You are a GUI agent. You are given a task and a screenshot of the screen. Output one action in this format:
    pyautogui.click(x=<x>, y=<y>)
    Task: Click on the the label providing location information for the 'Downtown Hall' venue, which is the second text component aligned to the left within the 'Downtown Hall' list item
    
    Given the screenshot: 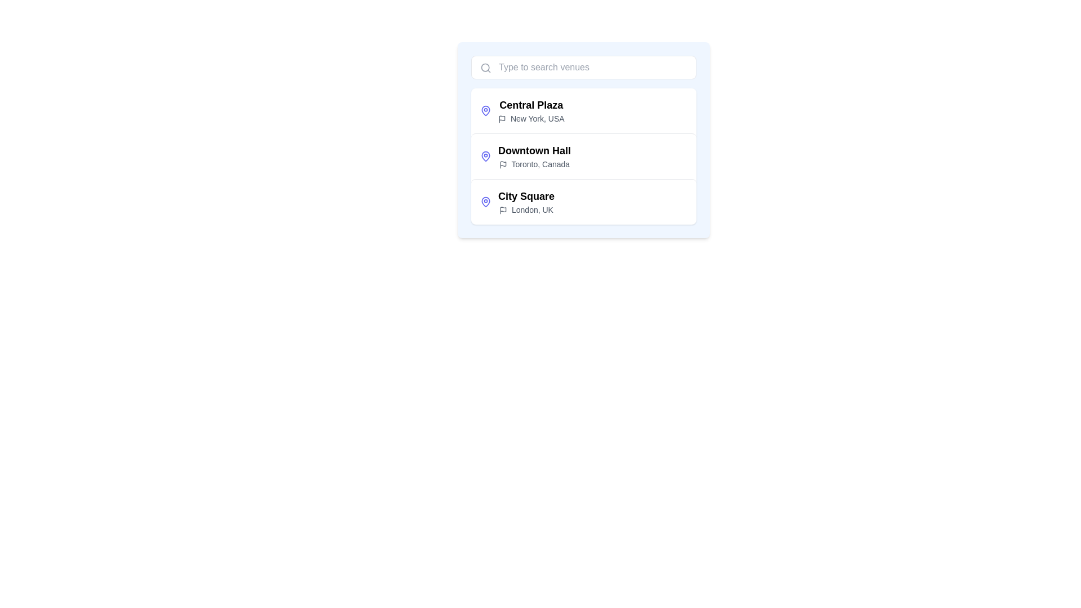 What is the action you would take?
    pyautogui.click(x=534, y=164)
    